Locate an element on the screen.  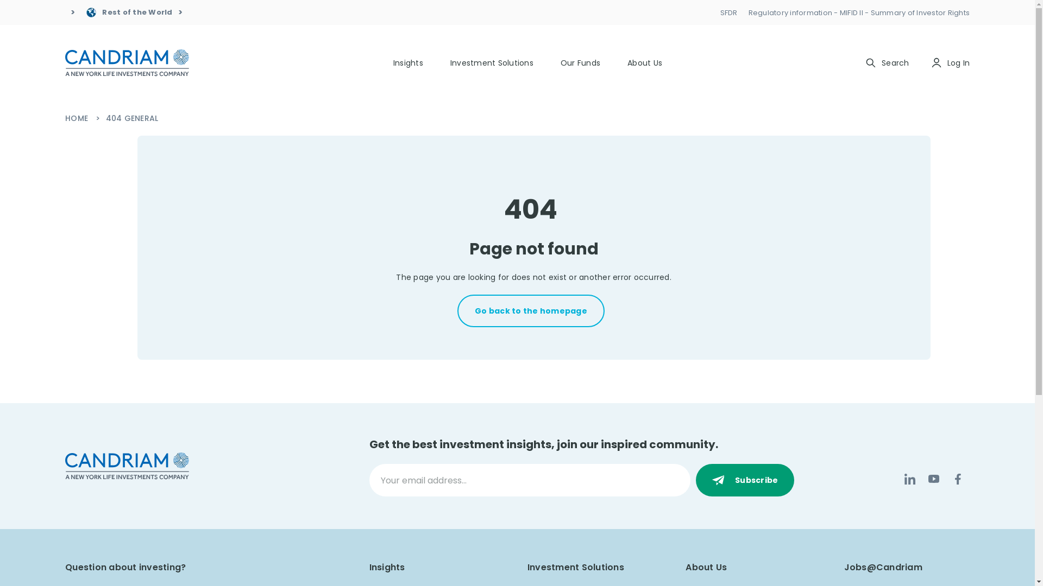
'SFDR' is located at coordinates (729, 12).